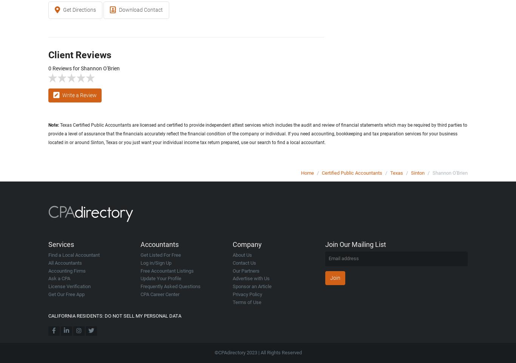 The image size is (516, 363). I want to click on 'Get Our Free App', so click(66, 293).